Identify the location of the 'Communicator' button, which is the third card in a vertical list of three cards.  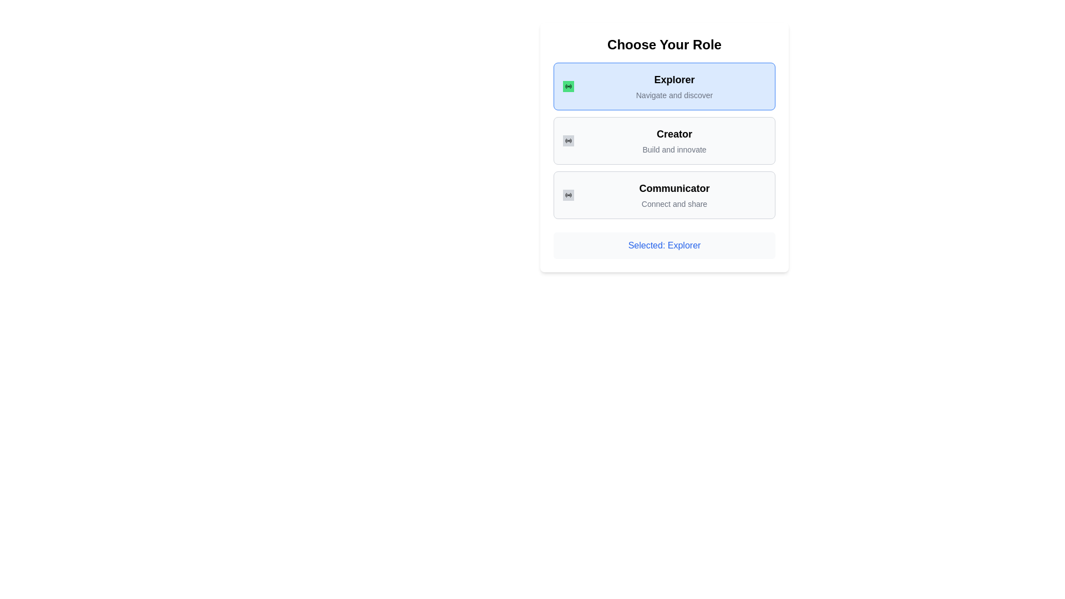
(665, 194).